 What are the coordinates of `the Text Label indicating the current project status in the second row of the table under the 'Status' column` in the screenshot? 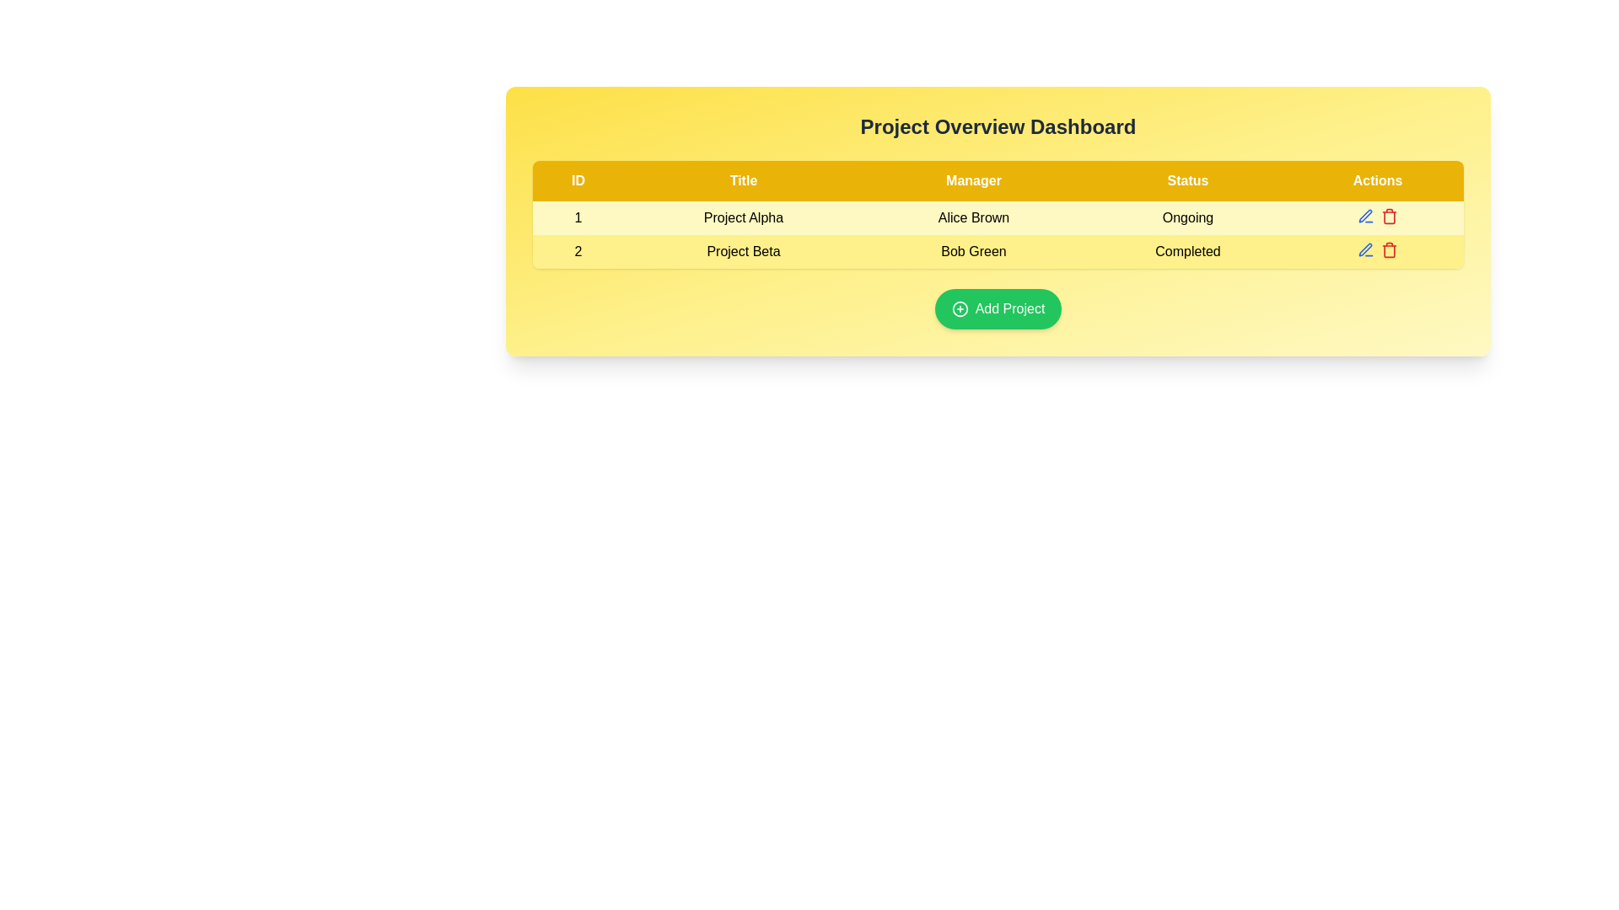 It's located at (1187, 217).